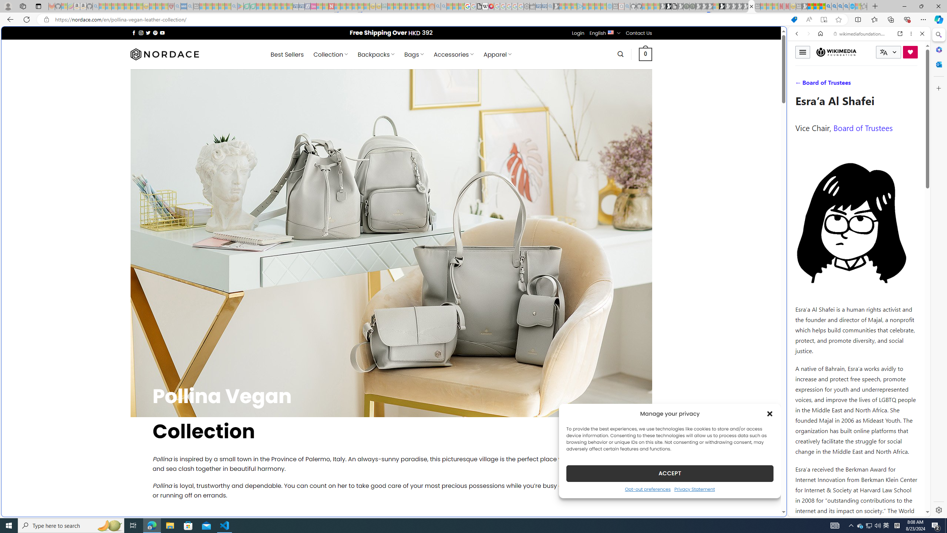  What do you see at coordinates (491, 6) in the screenshot?
I see `'MediaWiki'` at bounding box center [491, 6].